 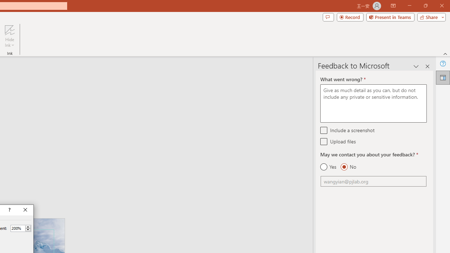 I want to click on 'Yes', so click(x=328, y=167).